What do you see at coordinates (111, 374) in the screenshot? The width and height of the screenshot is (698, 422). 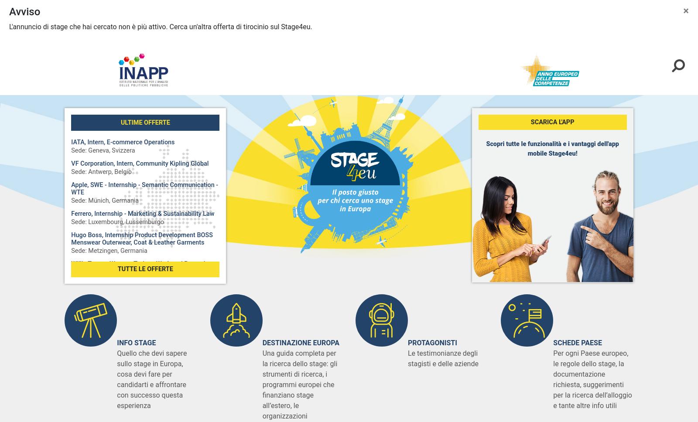 I see `'Geneva, Svizzera'` at bounding box center [111, 374].